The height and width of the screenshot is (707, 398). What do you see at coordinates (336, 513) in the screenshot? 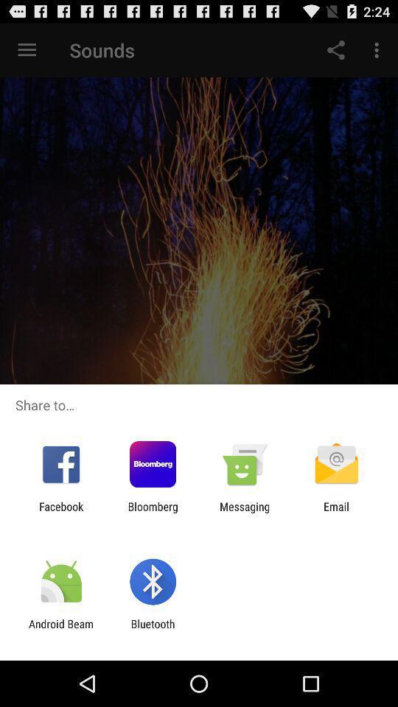
I see `the icon next to the messaging item` at bounding box center [336, 513].